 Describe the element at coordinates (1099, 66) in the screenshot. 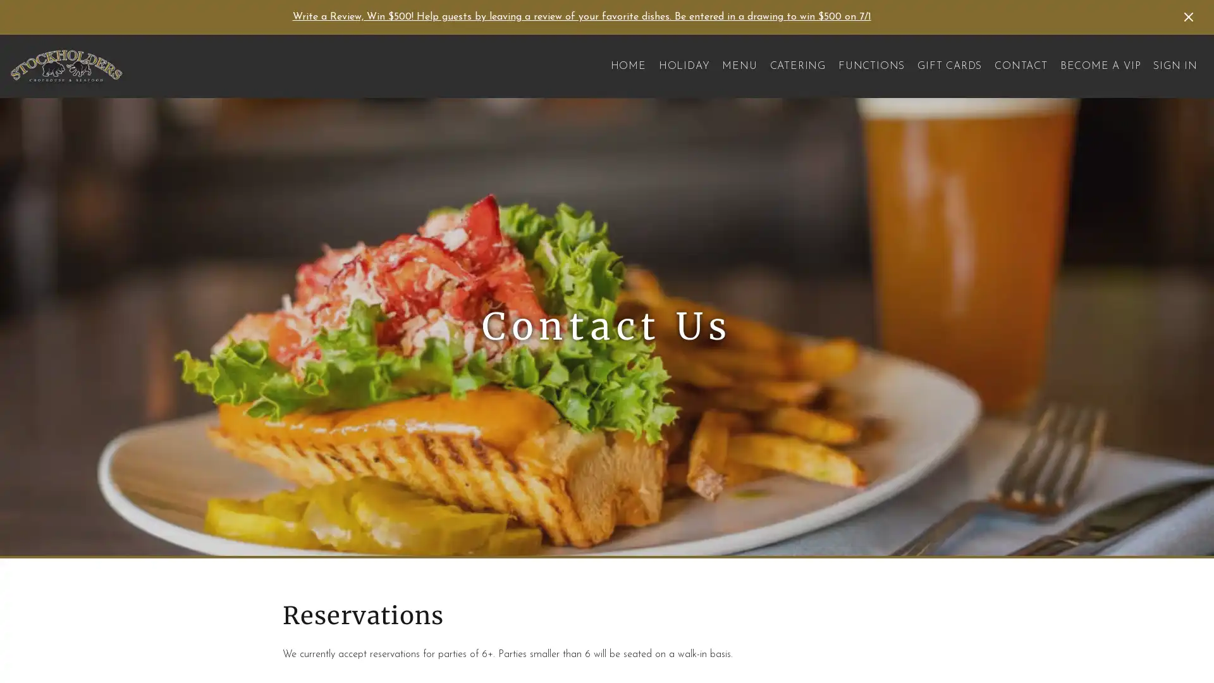

I see `BECOME A VIP` at that location.